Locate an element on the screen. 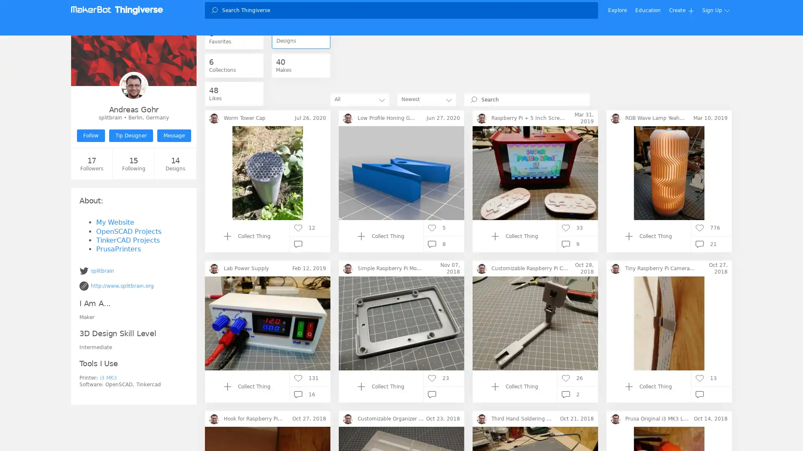  Message is located at coordinates (173, 135).